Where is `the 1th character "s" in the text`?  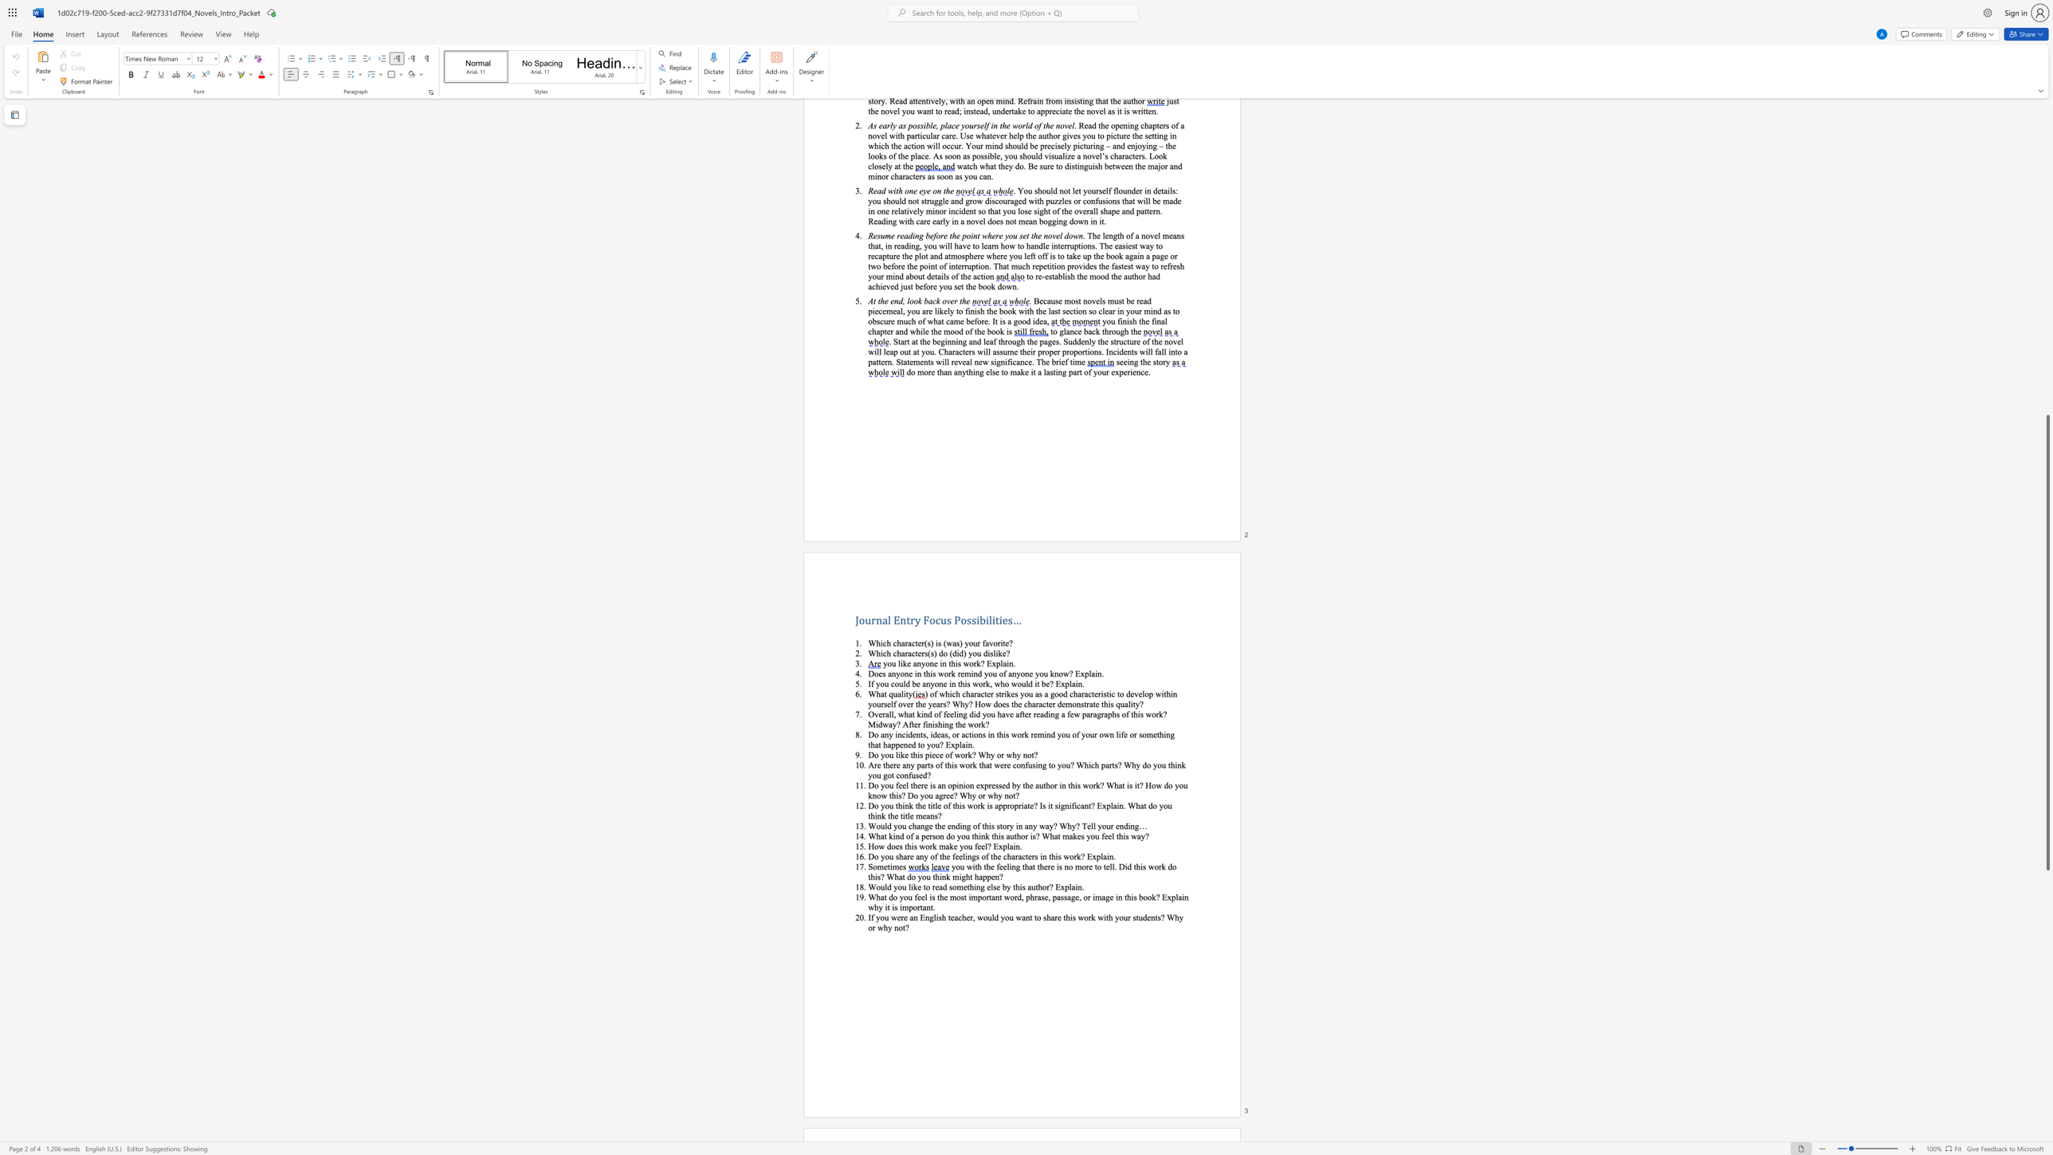
the 1th character "s" in the text is located at coordinates (1060, 866).